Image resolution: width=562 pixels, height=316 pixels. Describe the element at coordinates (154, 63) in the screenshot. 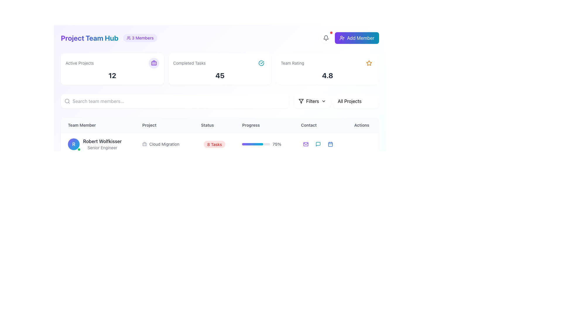

I see `the violet briefcase icon within the light violet circular background located in the 'Active Projects' card at the upper-left quadrant of the interface` at that location.